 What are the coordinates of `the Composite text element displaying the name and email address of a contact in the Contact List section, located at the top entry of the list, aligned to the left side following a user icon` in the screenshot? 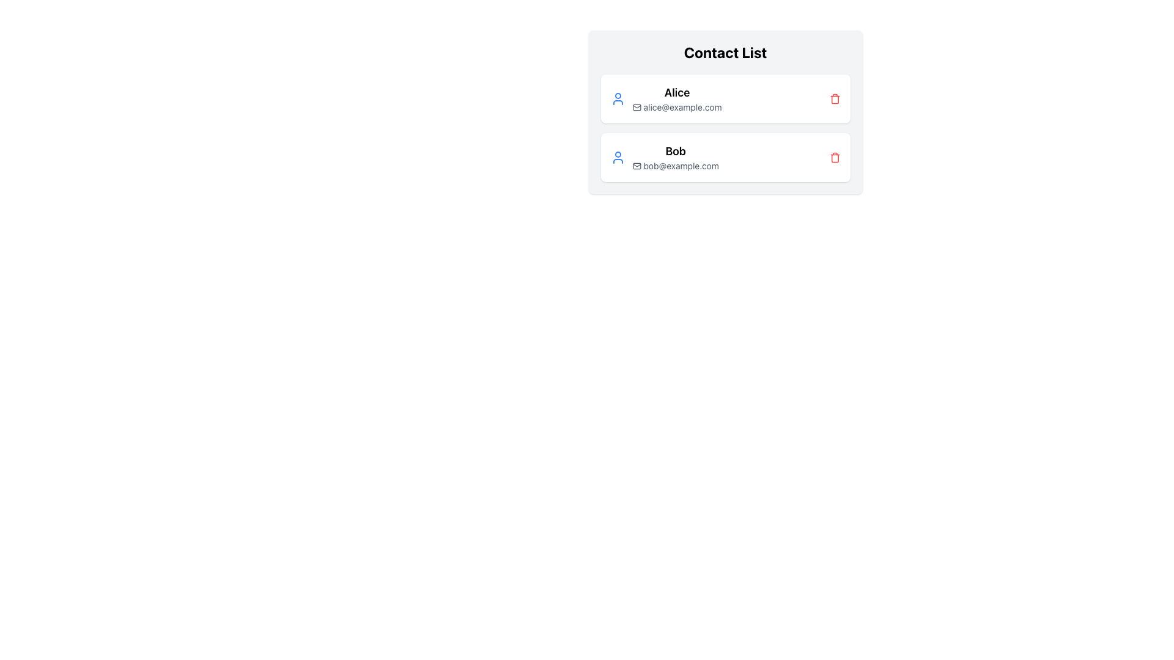 It's located at (676, 98).